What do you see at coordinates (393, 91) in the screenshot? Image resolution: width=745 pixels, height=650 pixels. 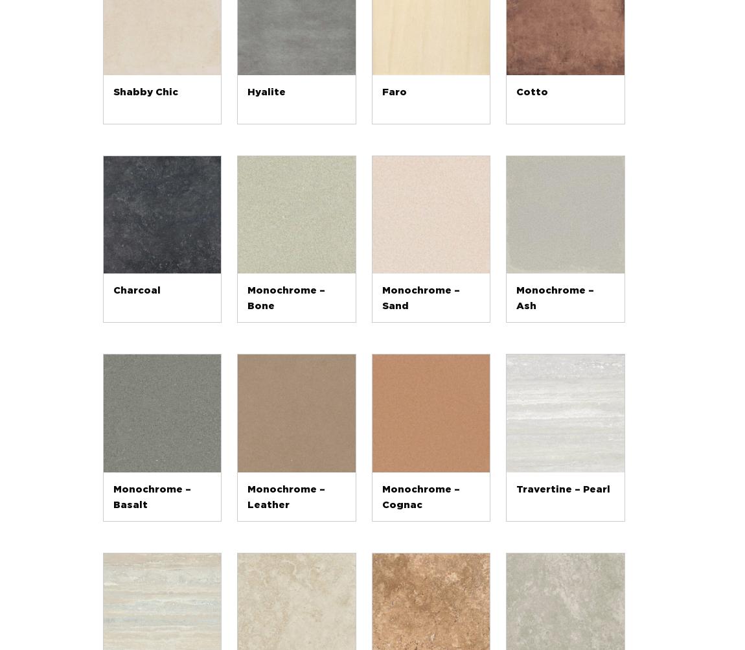 I see `'Faro'` at bounding box center [393, 91].